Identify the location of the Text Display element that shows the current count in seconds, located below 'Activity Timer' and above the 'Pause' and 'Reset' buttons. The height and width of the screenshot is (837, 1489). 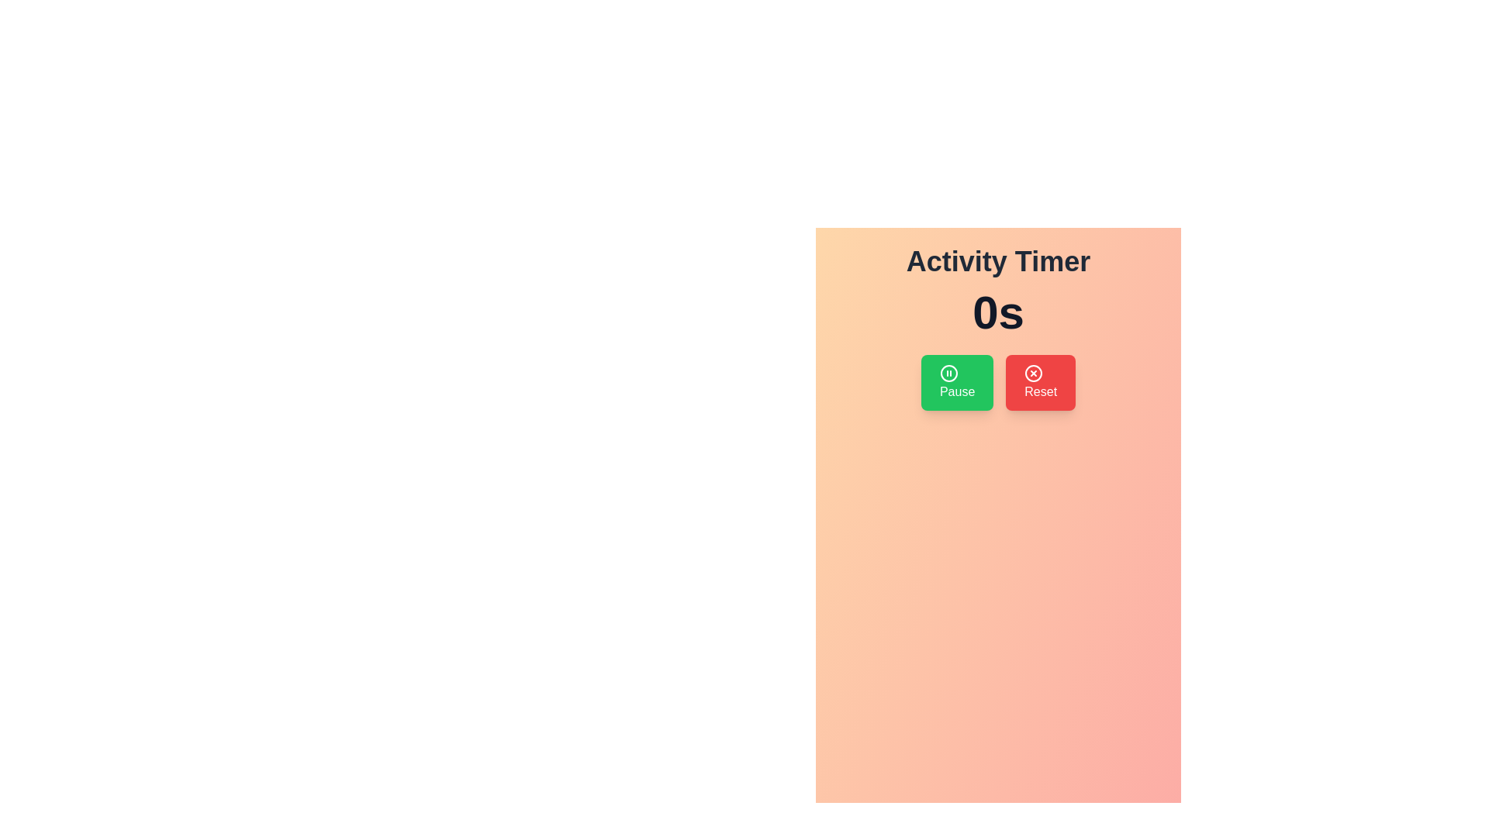
(998, 313).